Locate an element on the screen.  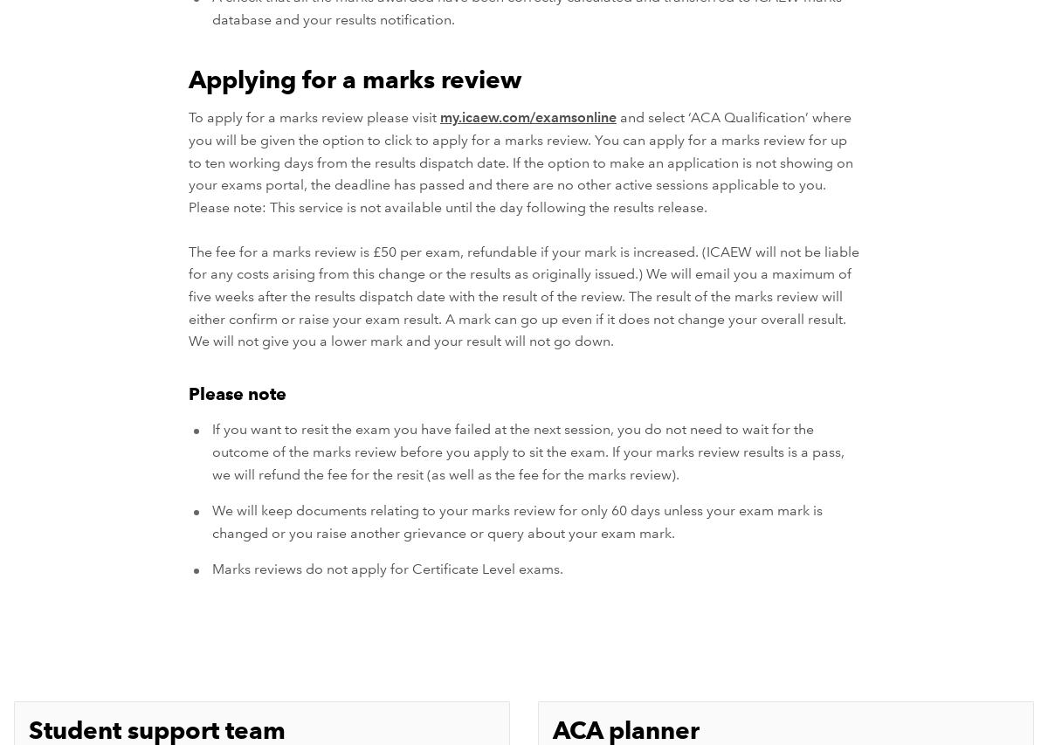
'Applying for a marks review' is located at coordinates (188, 77).